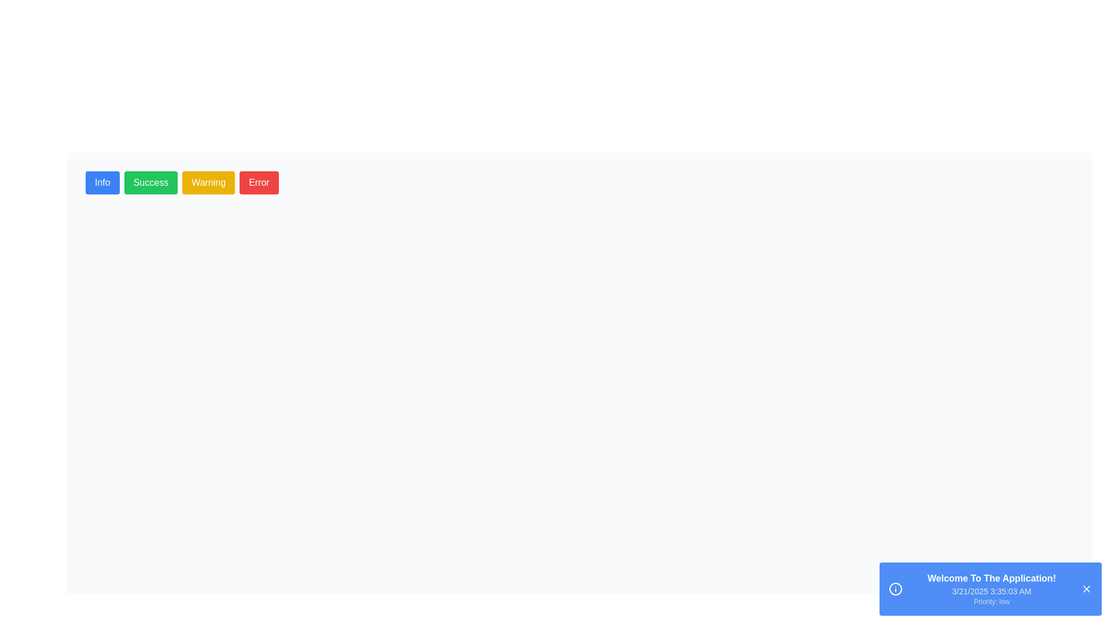 The height and width of the screenshot is (625, 1111). What do you see at coordinates (102, 182) in the screenshot?
I see `the first button labeled 'Info' in the horizontal row of buttons` at bounding box center [102, 182].